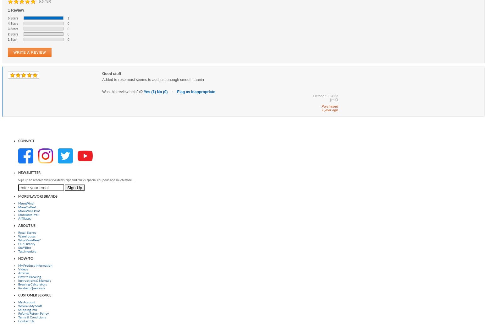 The height and width of the screenshot is (336, 495). What do you see at coordinates (24, 247) in the screenshot?
I see `'Staff Bios'` at bounding box center [24, 247].